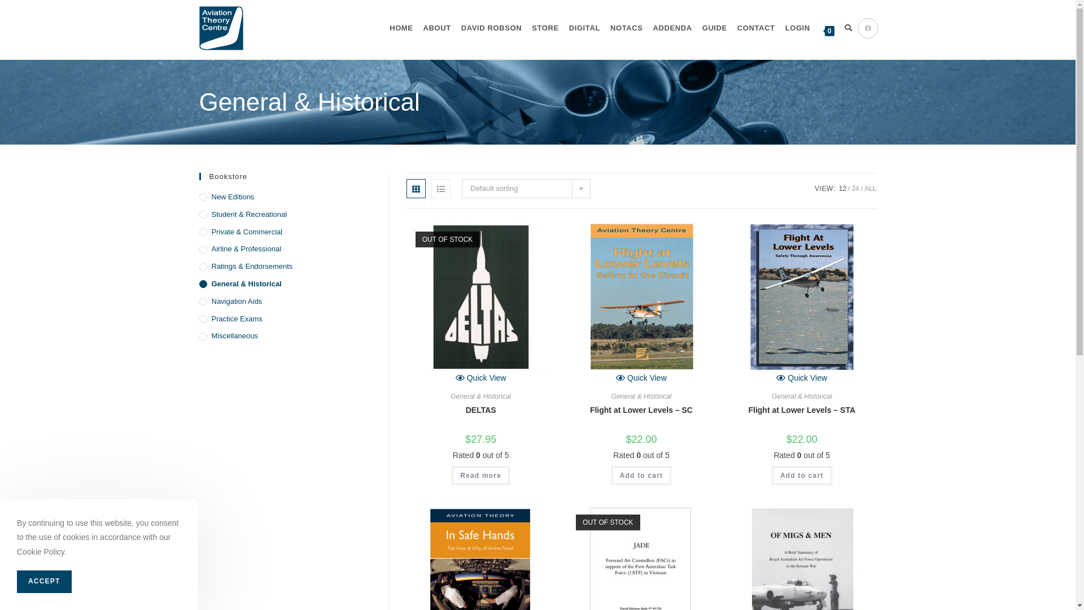 The width and height of the screenshot is (1084, 610). Describe the element at coordinates (198, 335) in the screenshot. I see `'Miscellaneous'` at that location.